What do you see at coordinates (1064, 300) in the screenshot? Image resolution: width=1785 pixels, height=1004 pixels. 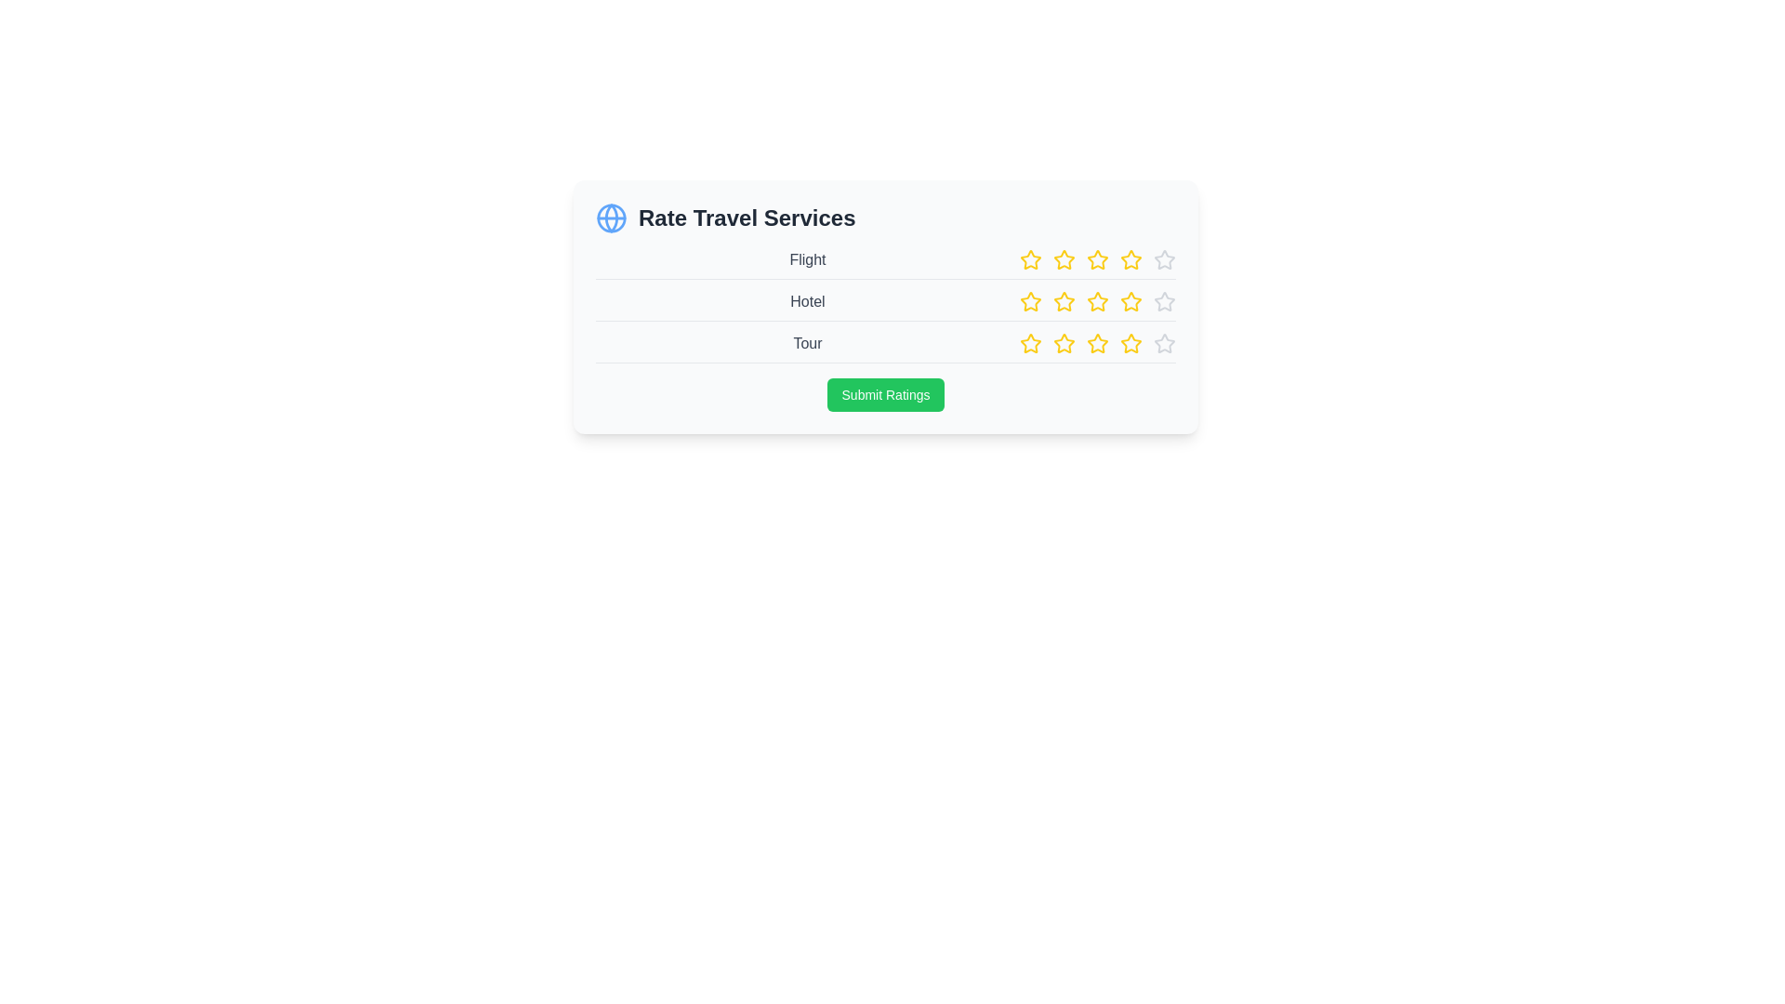 I see `the third star icon in the 'Hotel' rating section to select a three-star rating` at bounding box center [1064, 300].